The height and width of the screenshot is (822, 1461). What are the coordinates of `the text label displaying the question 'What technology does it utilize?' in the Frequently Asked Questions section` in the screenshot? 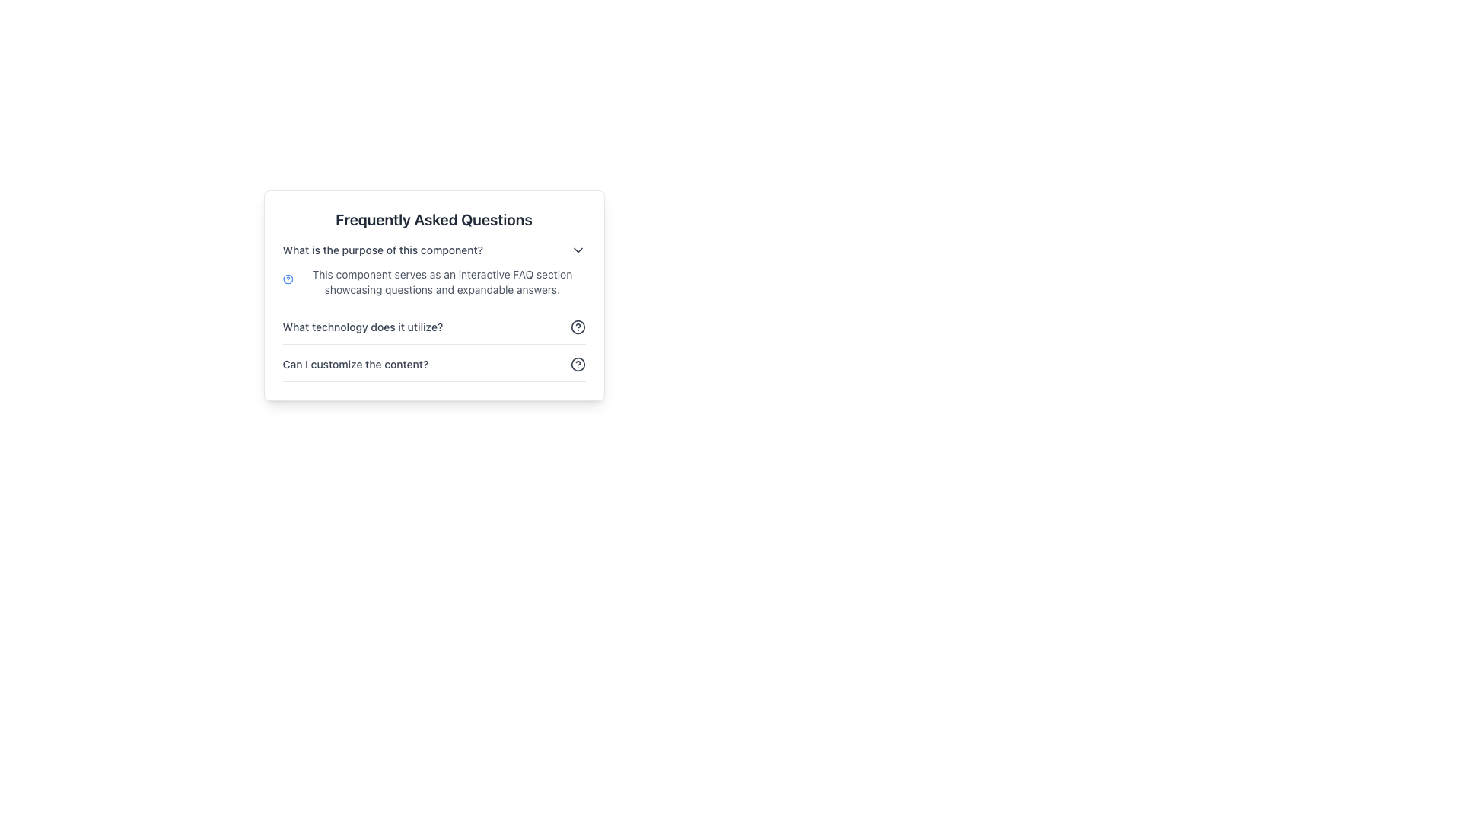 It's located at (361, 326).